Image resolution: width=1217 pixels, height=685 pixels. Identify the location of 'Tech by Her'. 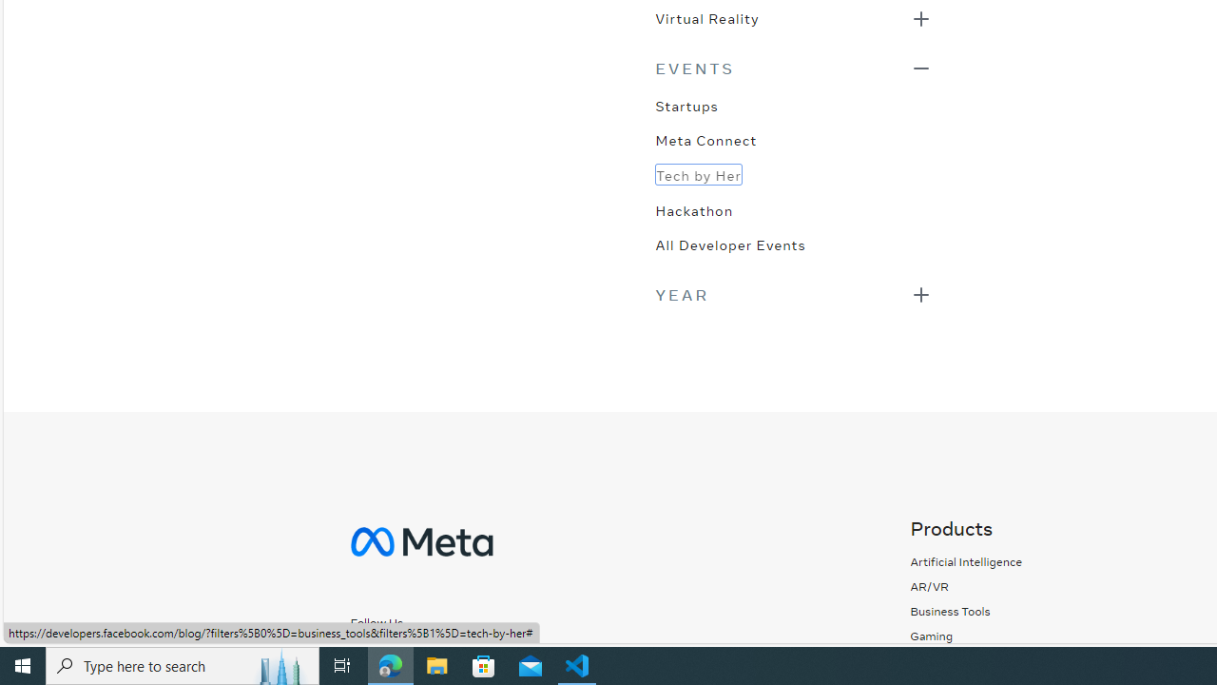
(697, 174).